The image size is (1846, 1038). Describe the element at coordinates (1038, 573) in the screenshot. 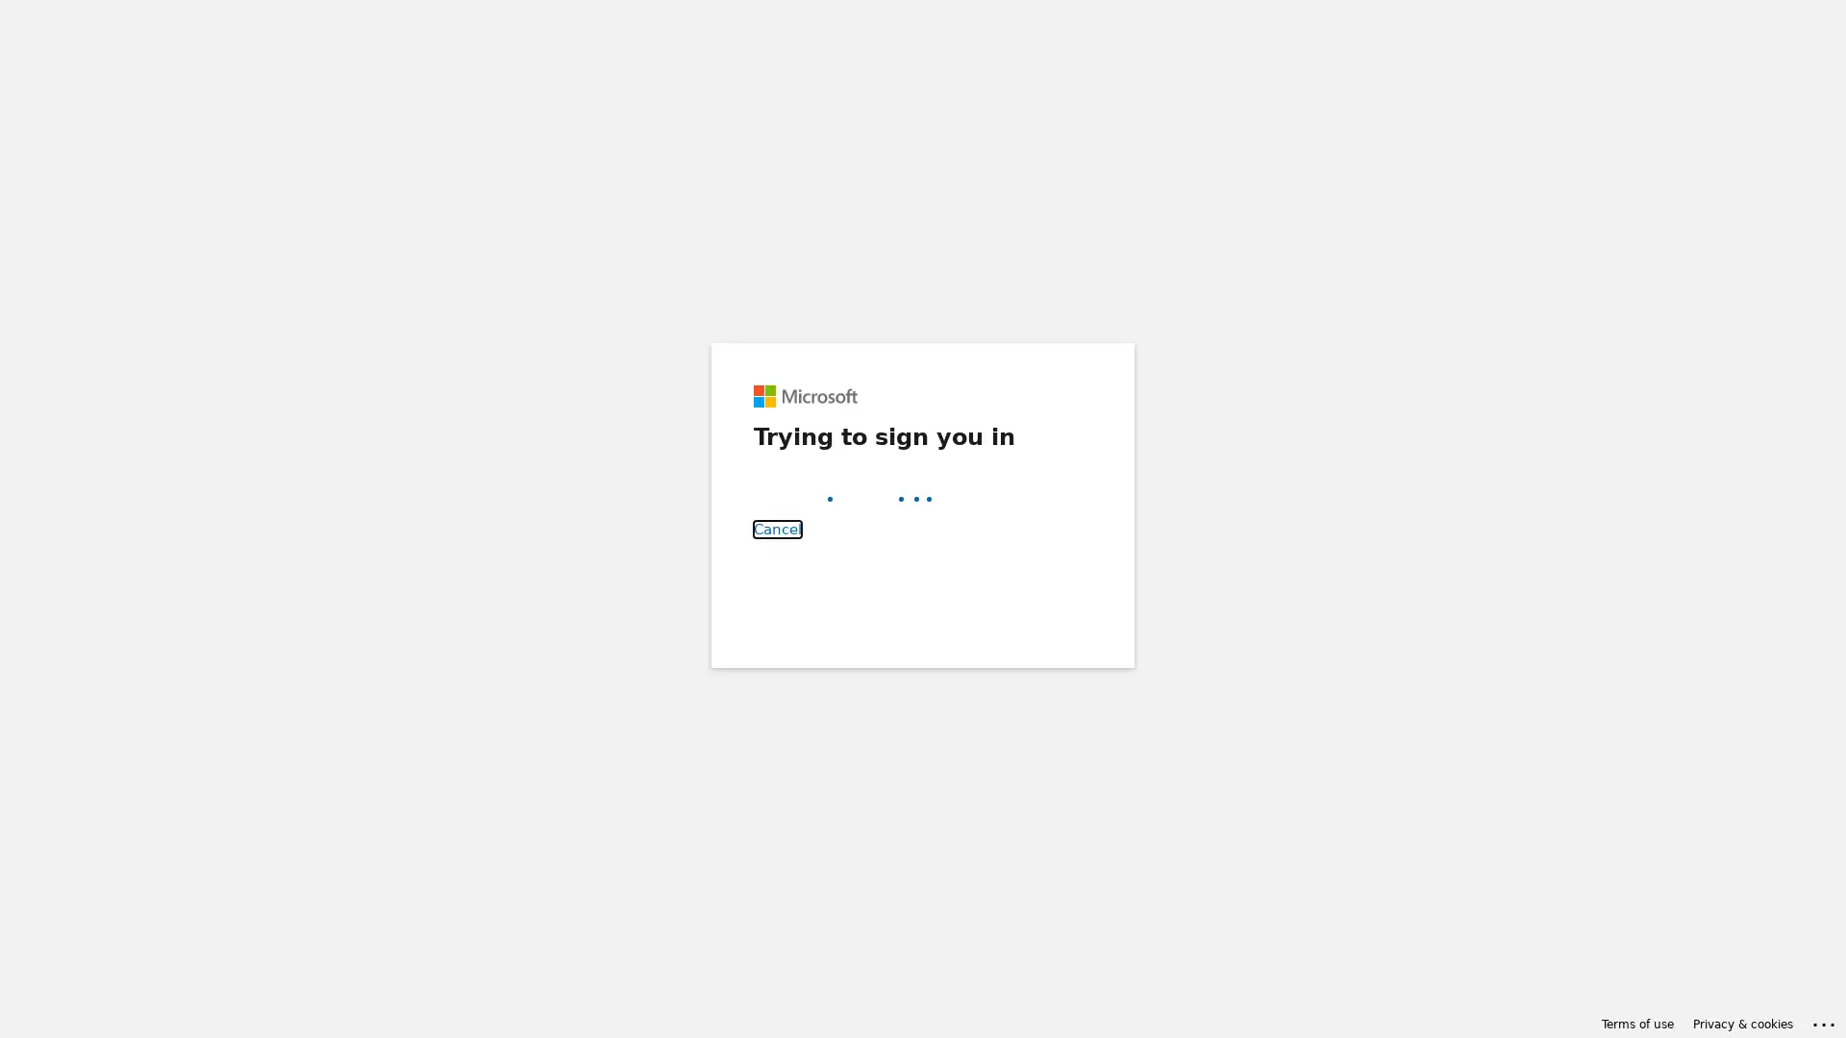

I see `Next` at that location.